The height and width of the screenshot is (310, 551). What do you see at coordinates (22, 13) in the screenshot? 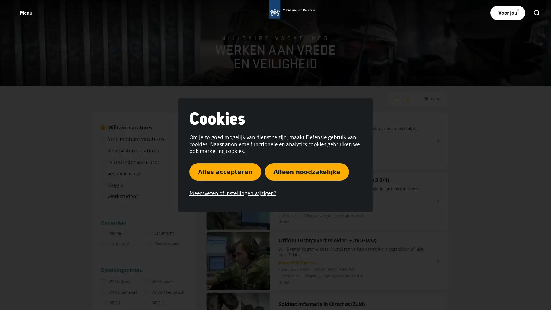
I see `Menu openen` at bounding box center [22, 13].